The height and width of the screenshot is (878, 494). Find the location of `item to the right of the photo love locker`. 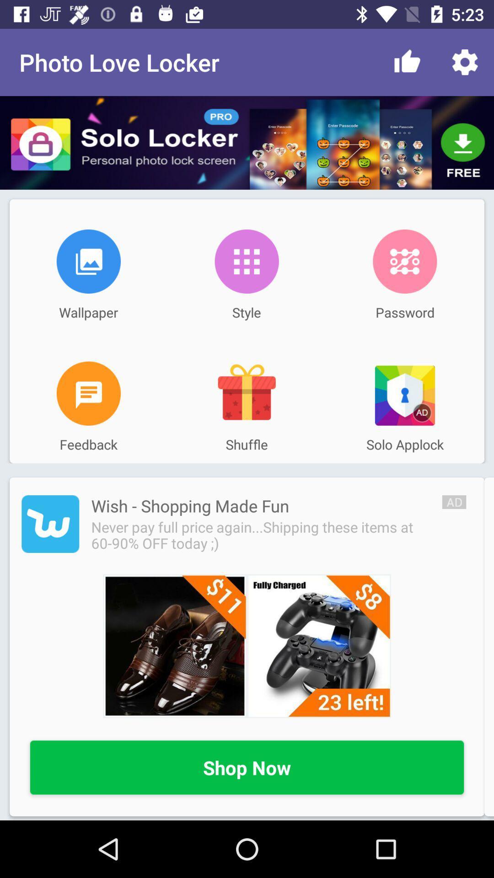

item to the right of the photo love locker is located at coordinates (407, 62).